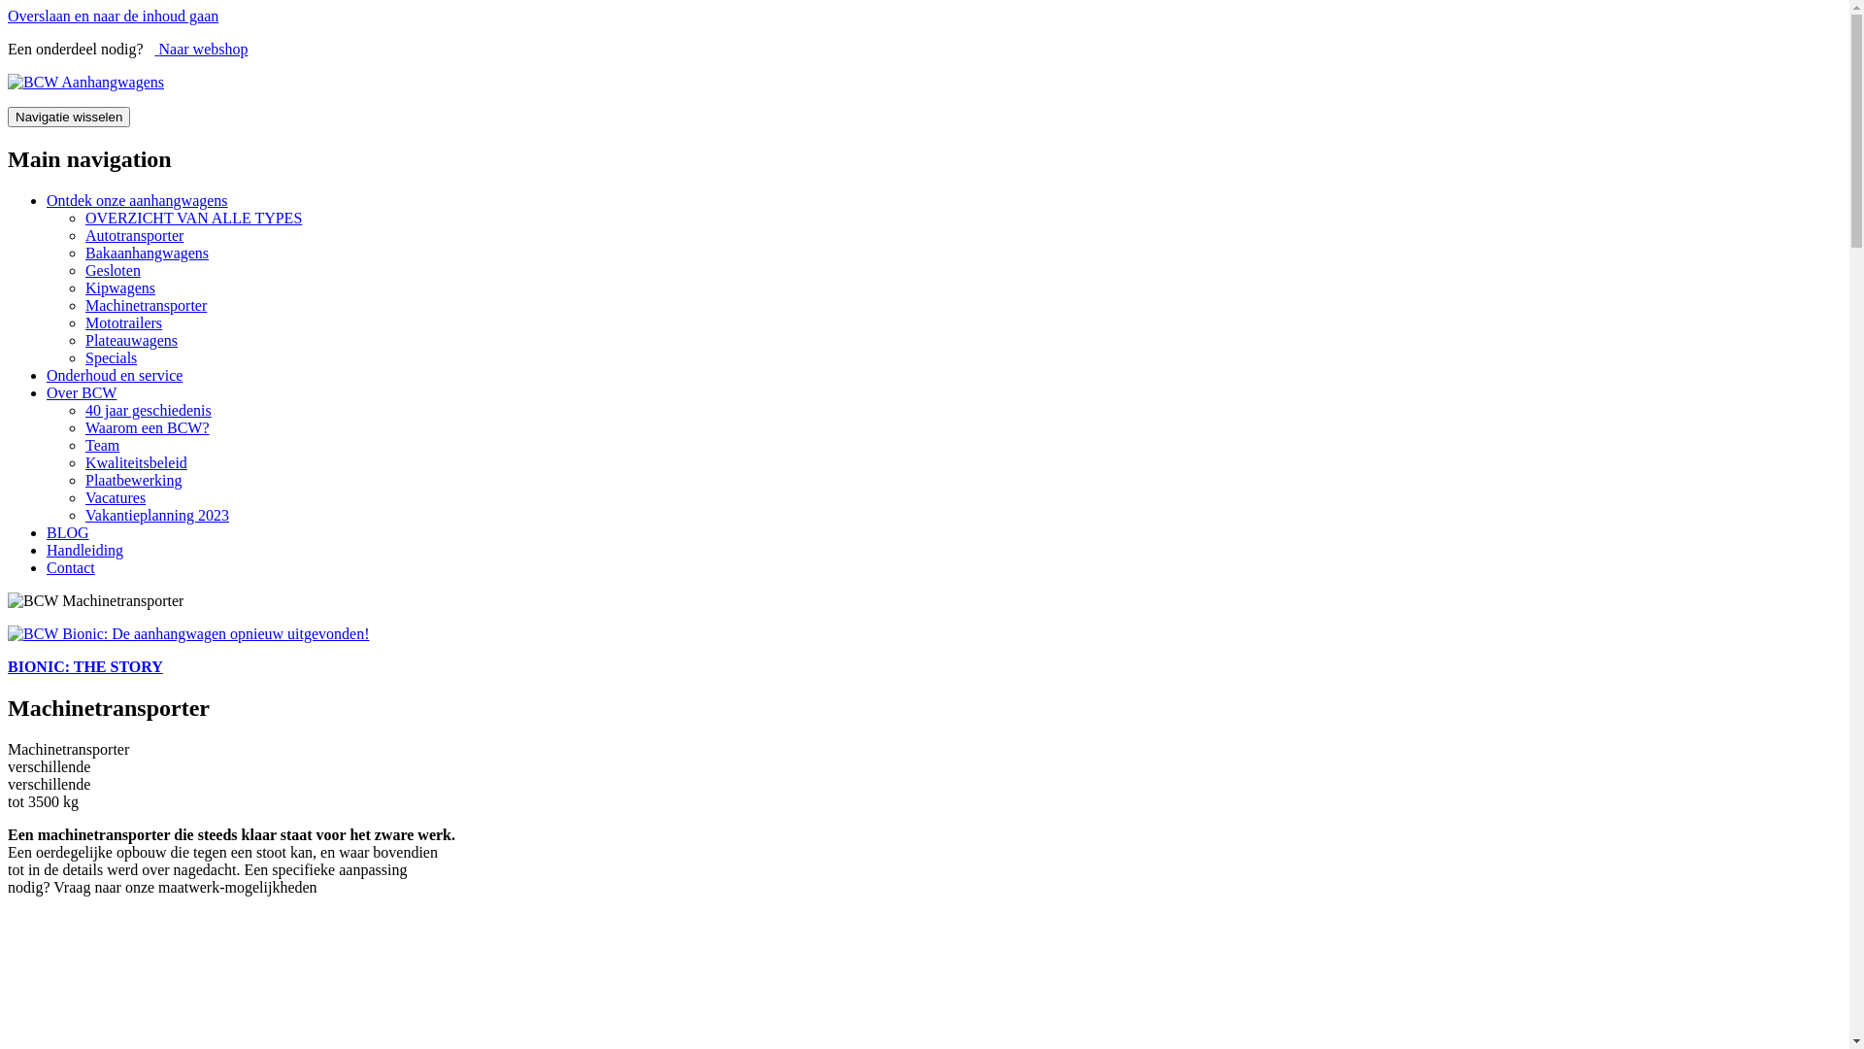 The height and width of the screenshot is (1049, 1864). I want to click on 'Gesloten', so click(112, 270).